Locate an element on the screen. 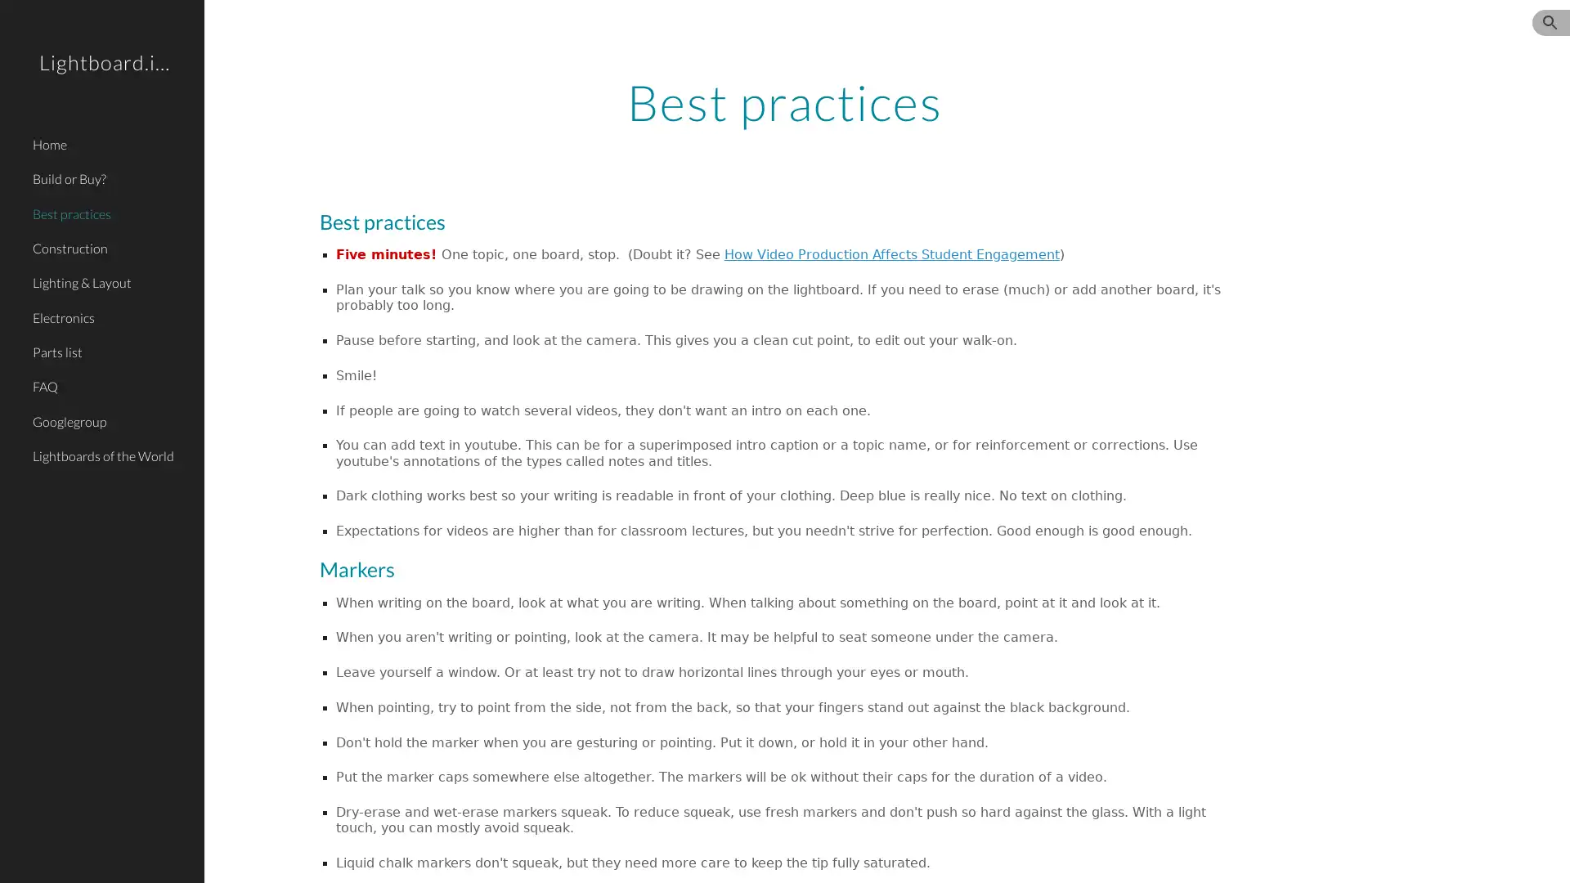  Copy heading link is located at coordinates (514, 567).